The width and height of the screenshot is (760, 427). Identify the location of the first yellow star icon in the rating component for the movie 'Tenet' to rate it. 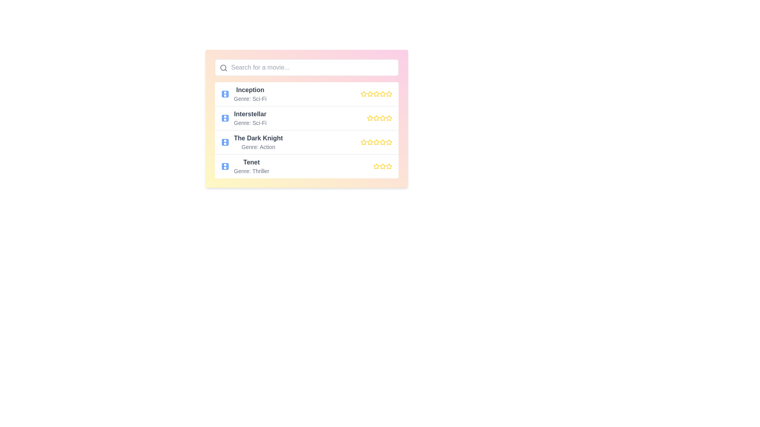
(376, 166).